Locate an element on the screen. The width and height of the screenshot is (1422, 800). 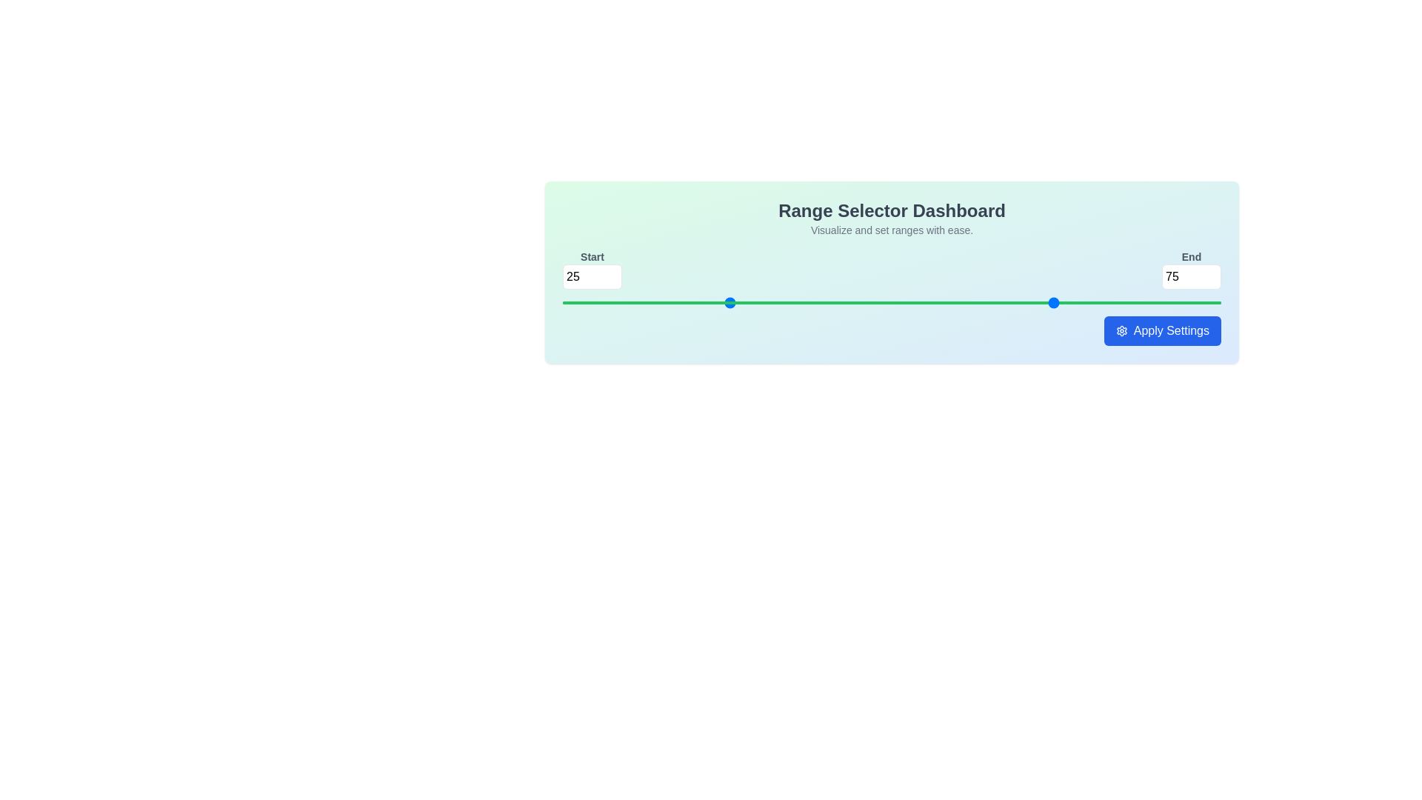
the gear-shaped icon is located at coordinates (1121, 330).